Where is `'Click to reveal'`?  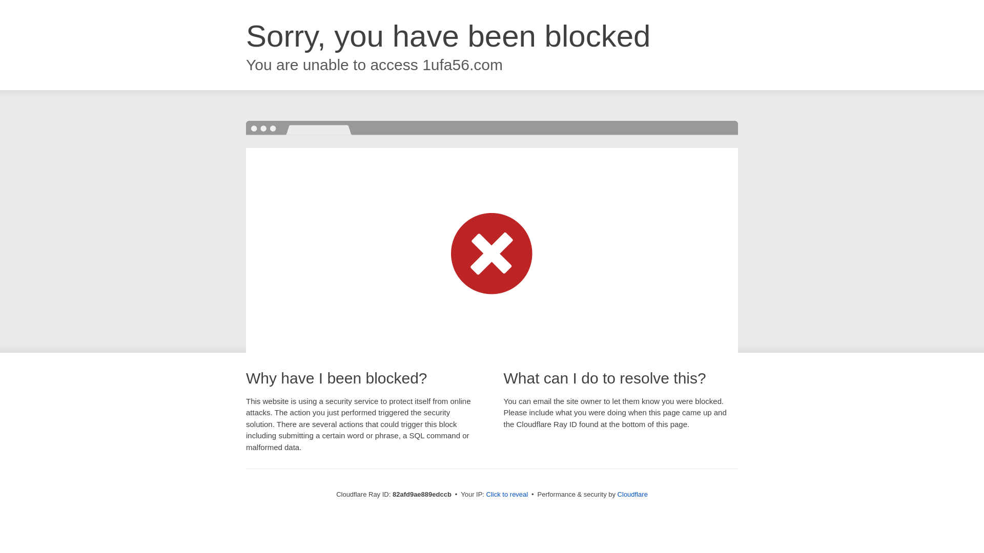
'Click to reveal' is located at coordinates (507, 494).